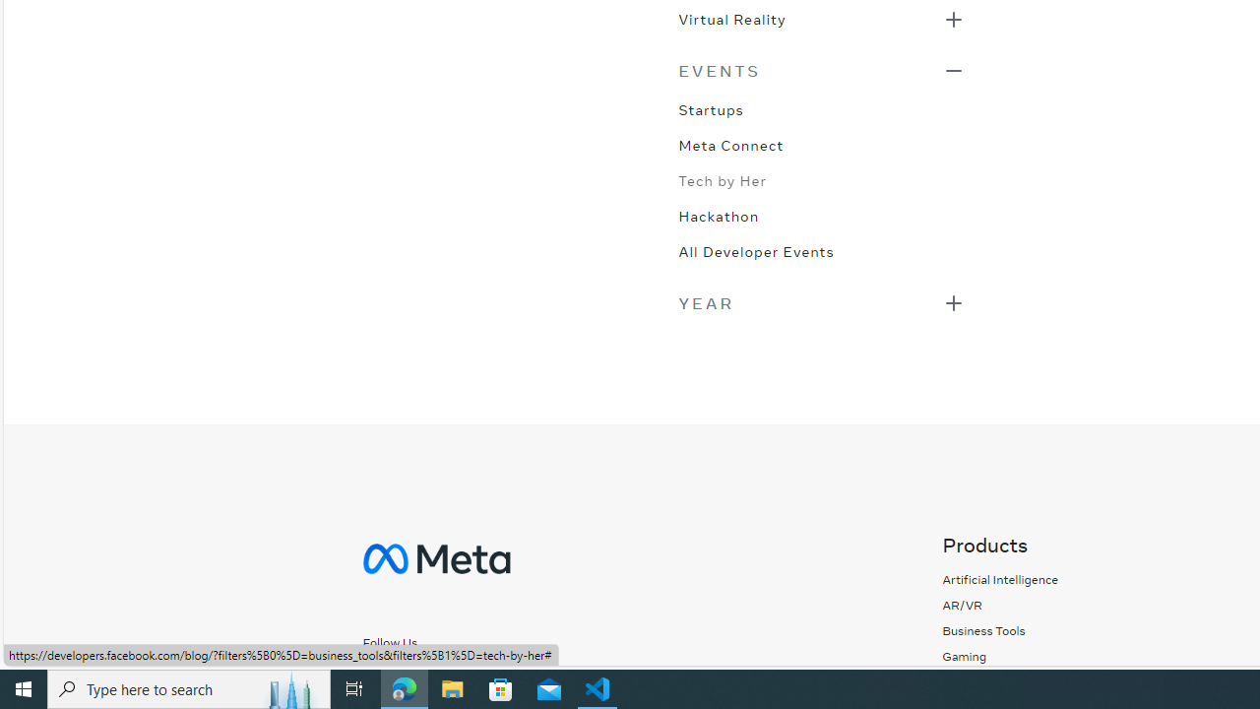 The image size is (1260, 709). Describe the element at coordinates (426, 677) in the screenshot. I see `'Follow us on Instagram'` at that location.